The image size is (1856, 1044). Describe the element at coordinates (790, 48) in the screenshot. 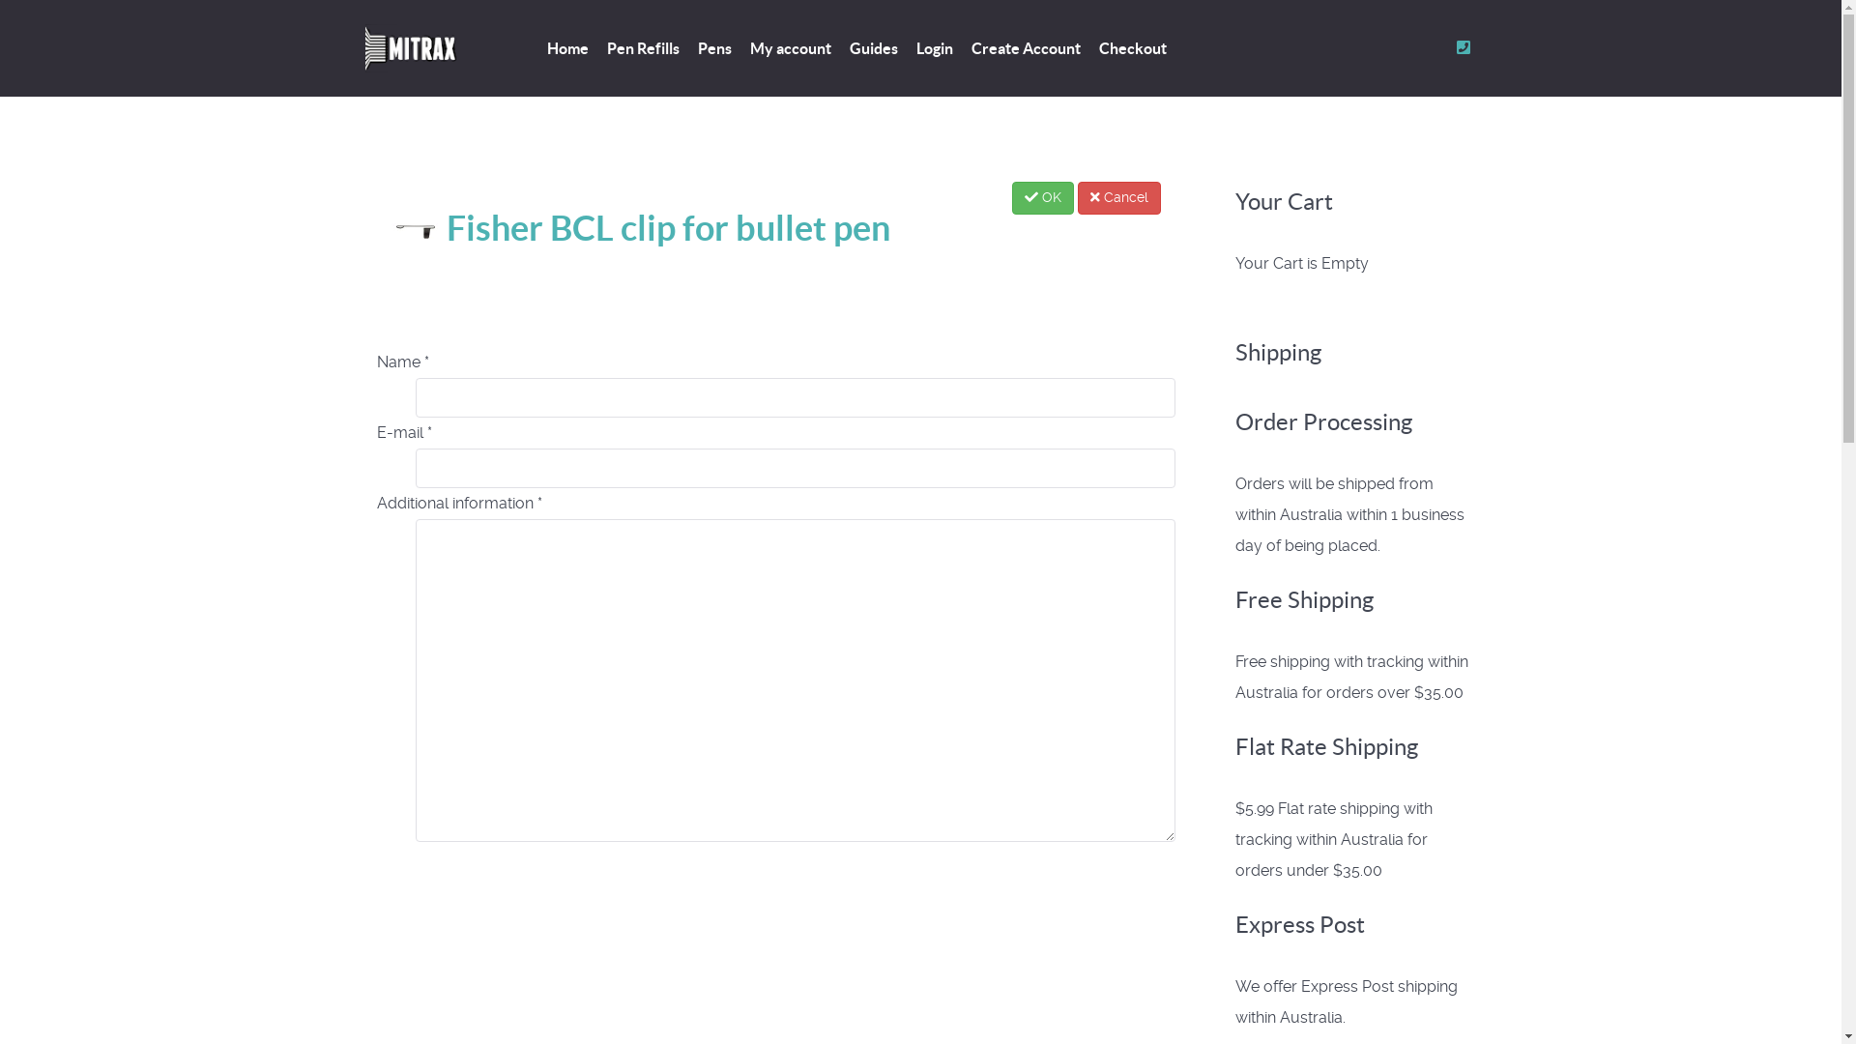

I see `'My account'` at that location.